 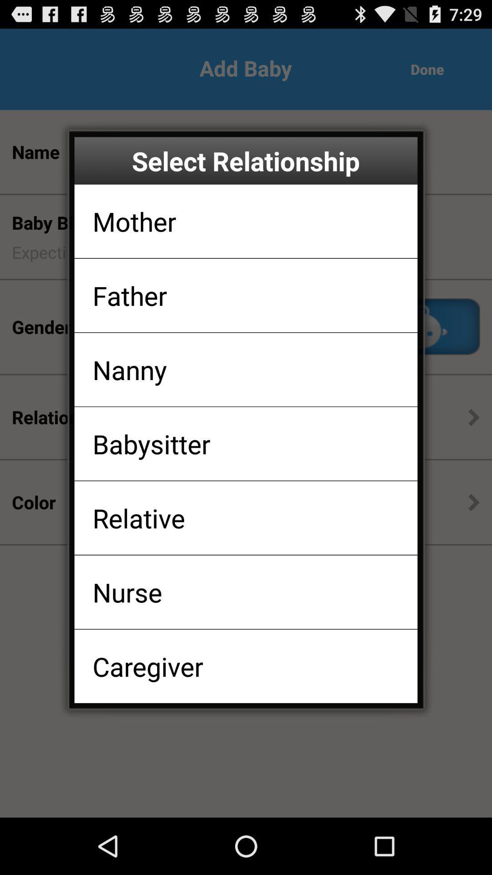 What do you see at coordinates (127, 592) in the screenshot?
I see `item above the caregiver icon` at bounding box center [127, 592].